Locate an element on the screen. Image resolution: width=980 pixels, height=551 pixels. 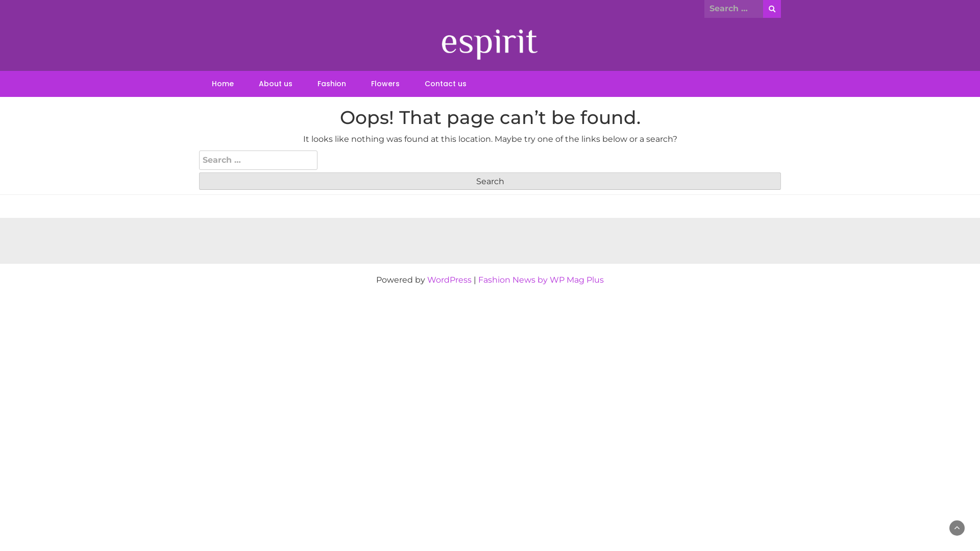
'About us' is located at coordinates (275, 83).